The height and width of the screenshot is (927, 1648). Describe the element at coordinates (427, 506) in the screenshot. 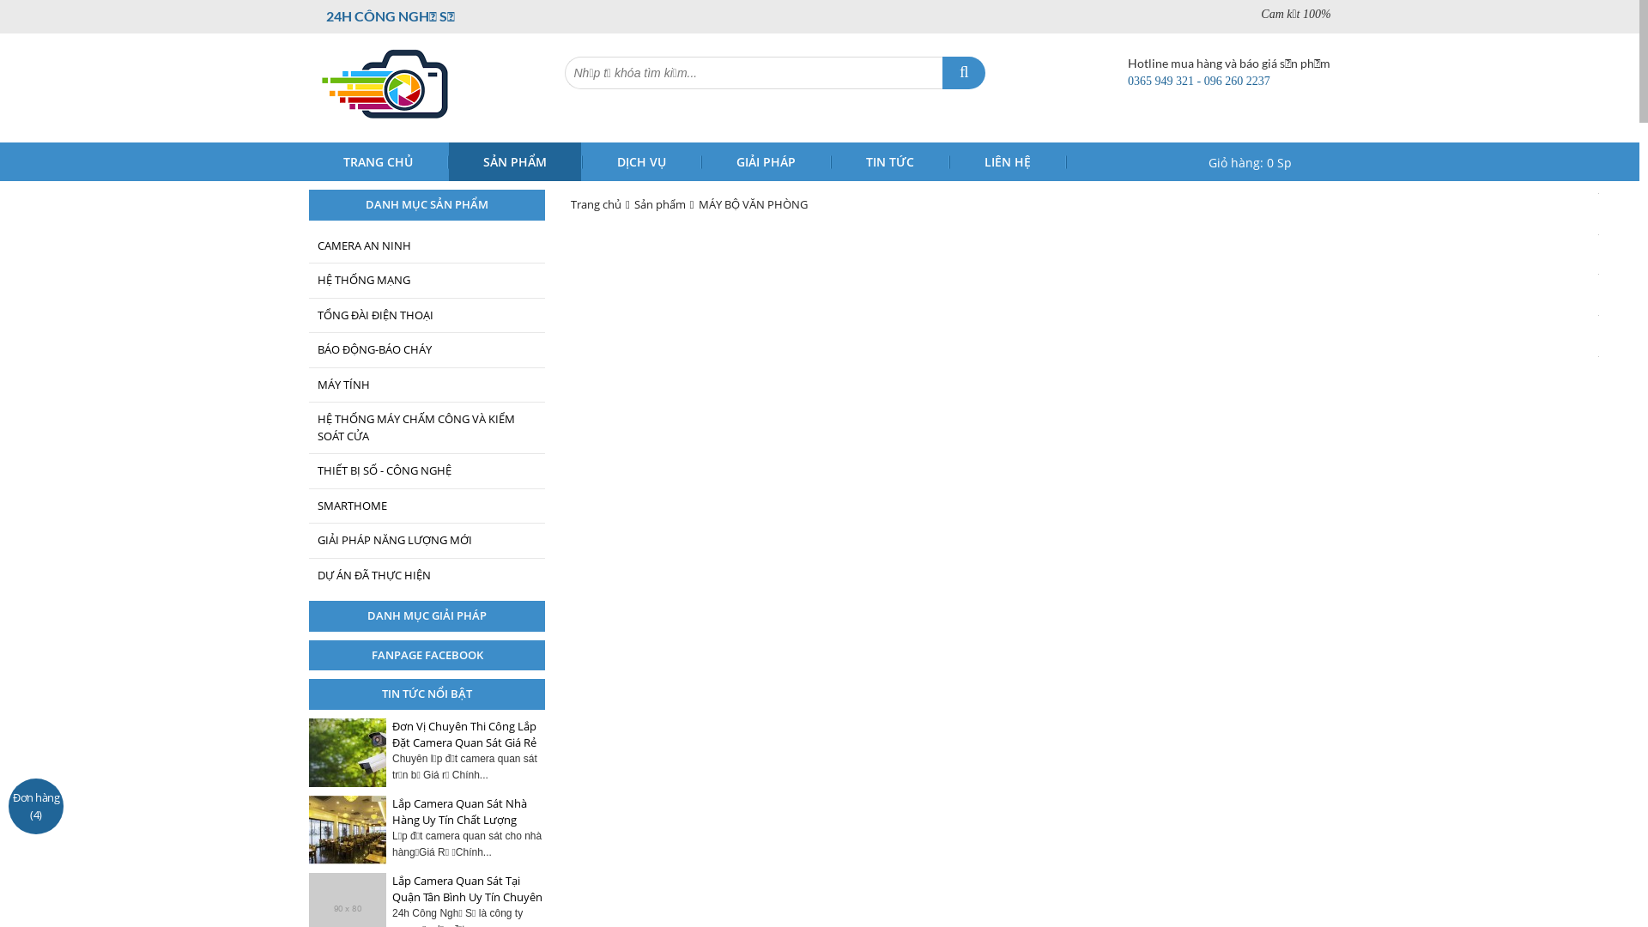

I see `'SMARTHOME'` at that location.